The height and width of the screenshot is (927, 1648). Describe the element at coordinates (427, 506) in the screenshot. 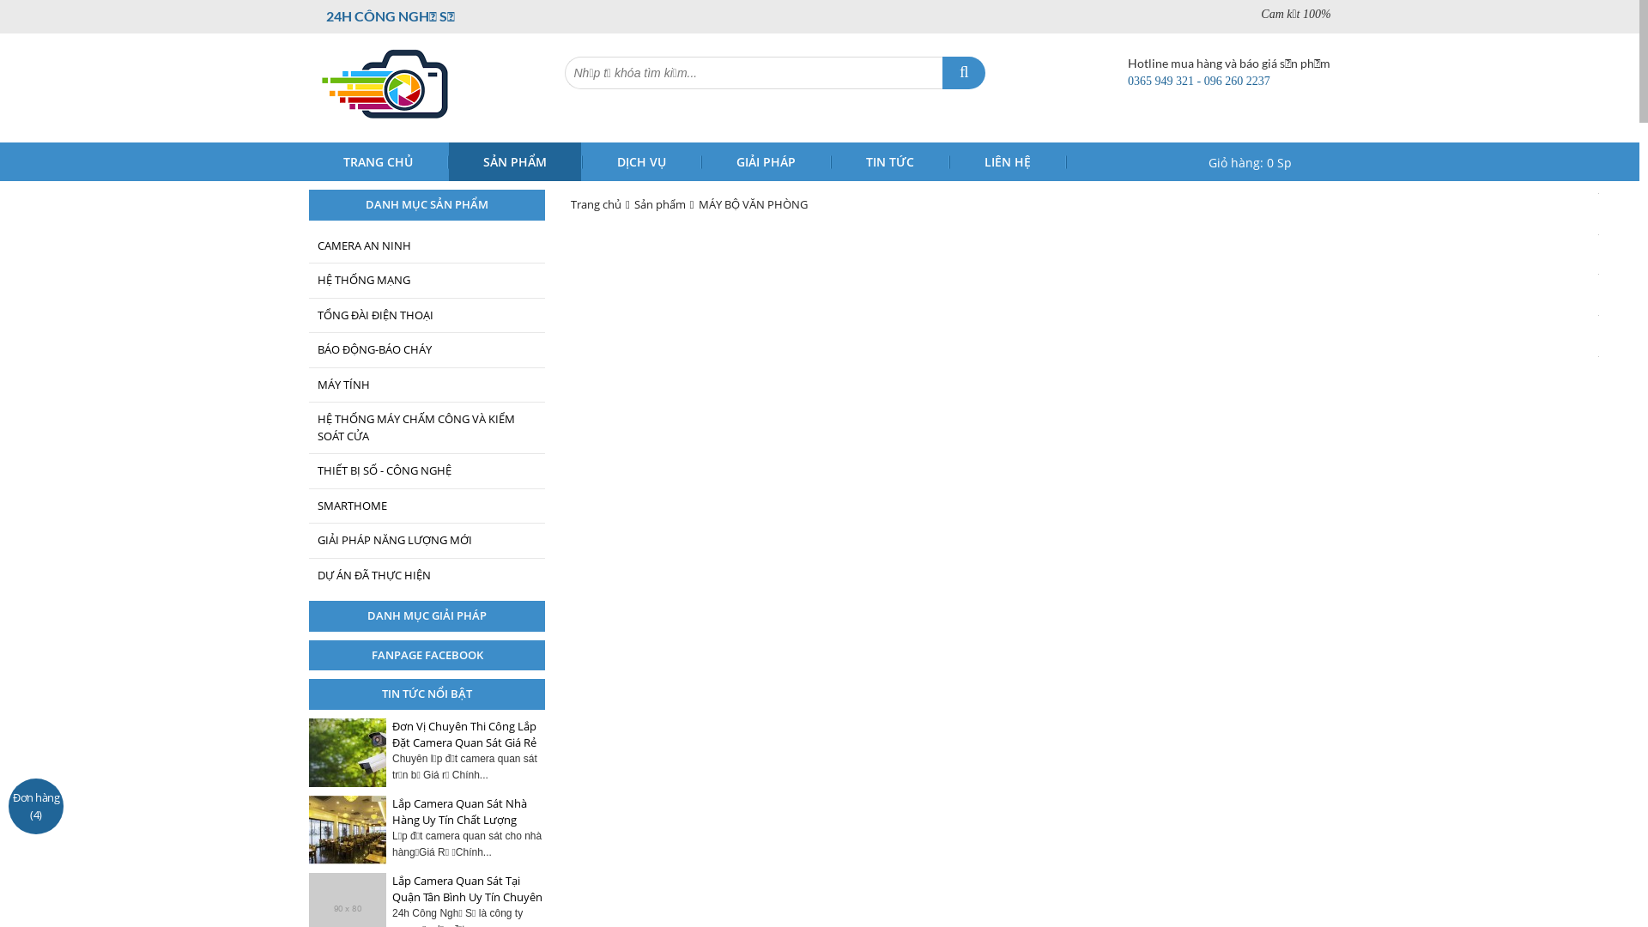

I see `'SMARTHOME'` at that location.